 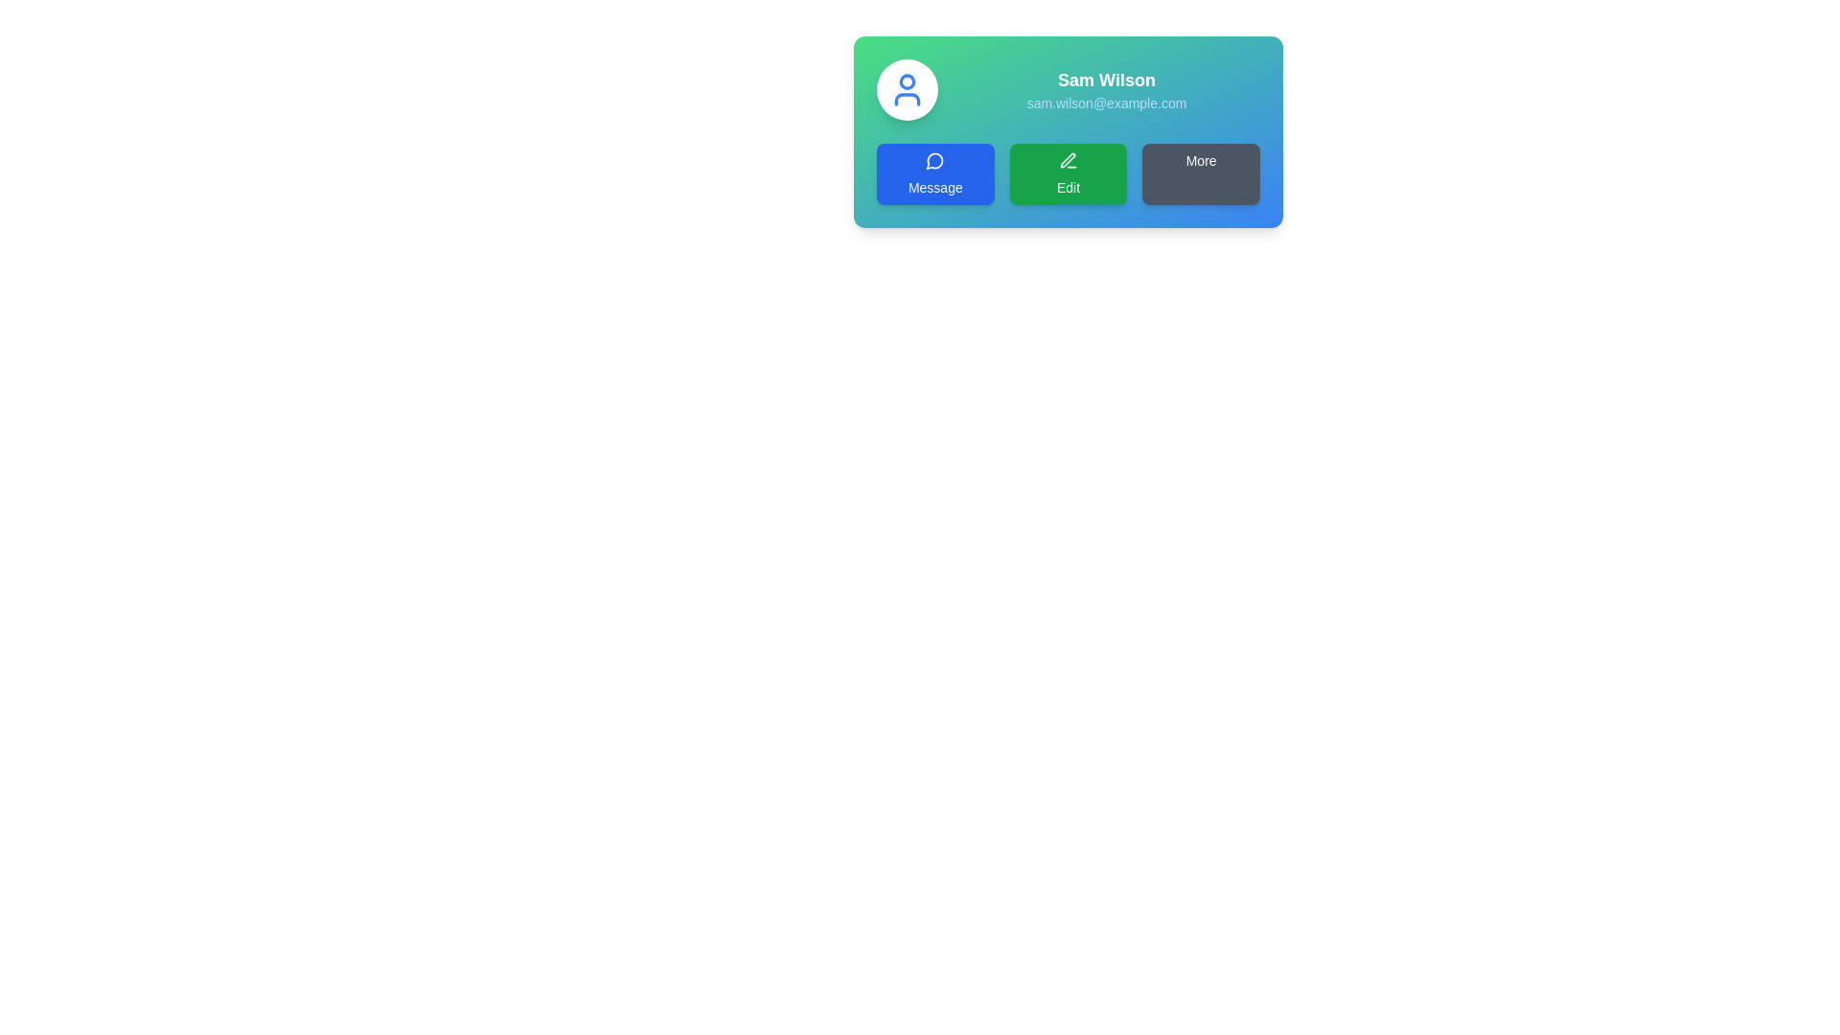 What do you see at coordinates (906, 89) in the screenshot?
I see `the profile icon representing the user 'Sam Wilson' to initiate a related action` at bounding box center [906, 89].